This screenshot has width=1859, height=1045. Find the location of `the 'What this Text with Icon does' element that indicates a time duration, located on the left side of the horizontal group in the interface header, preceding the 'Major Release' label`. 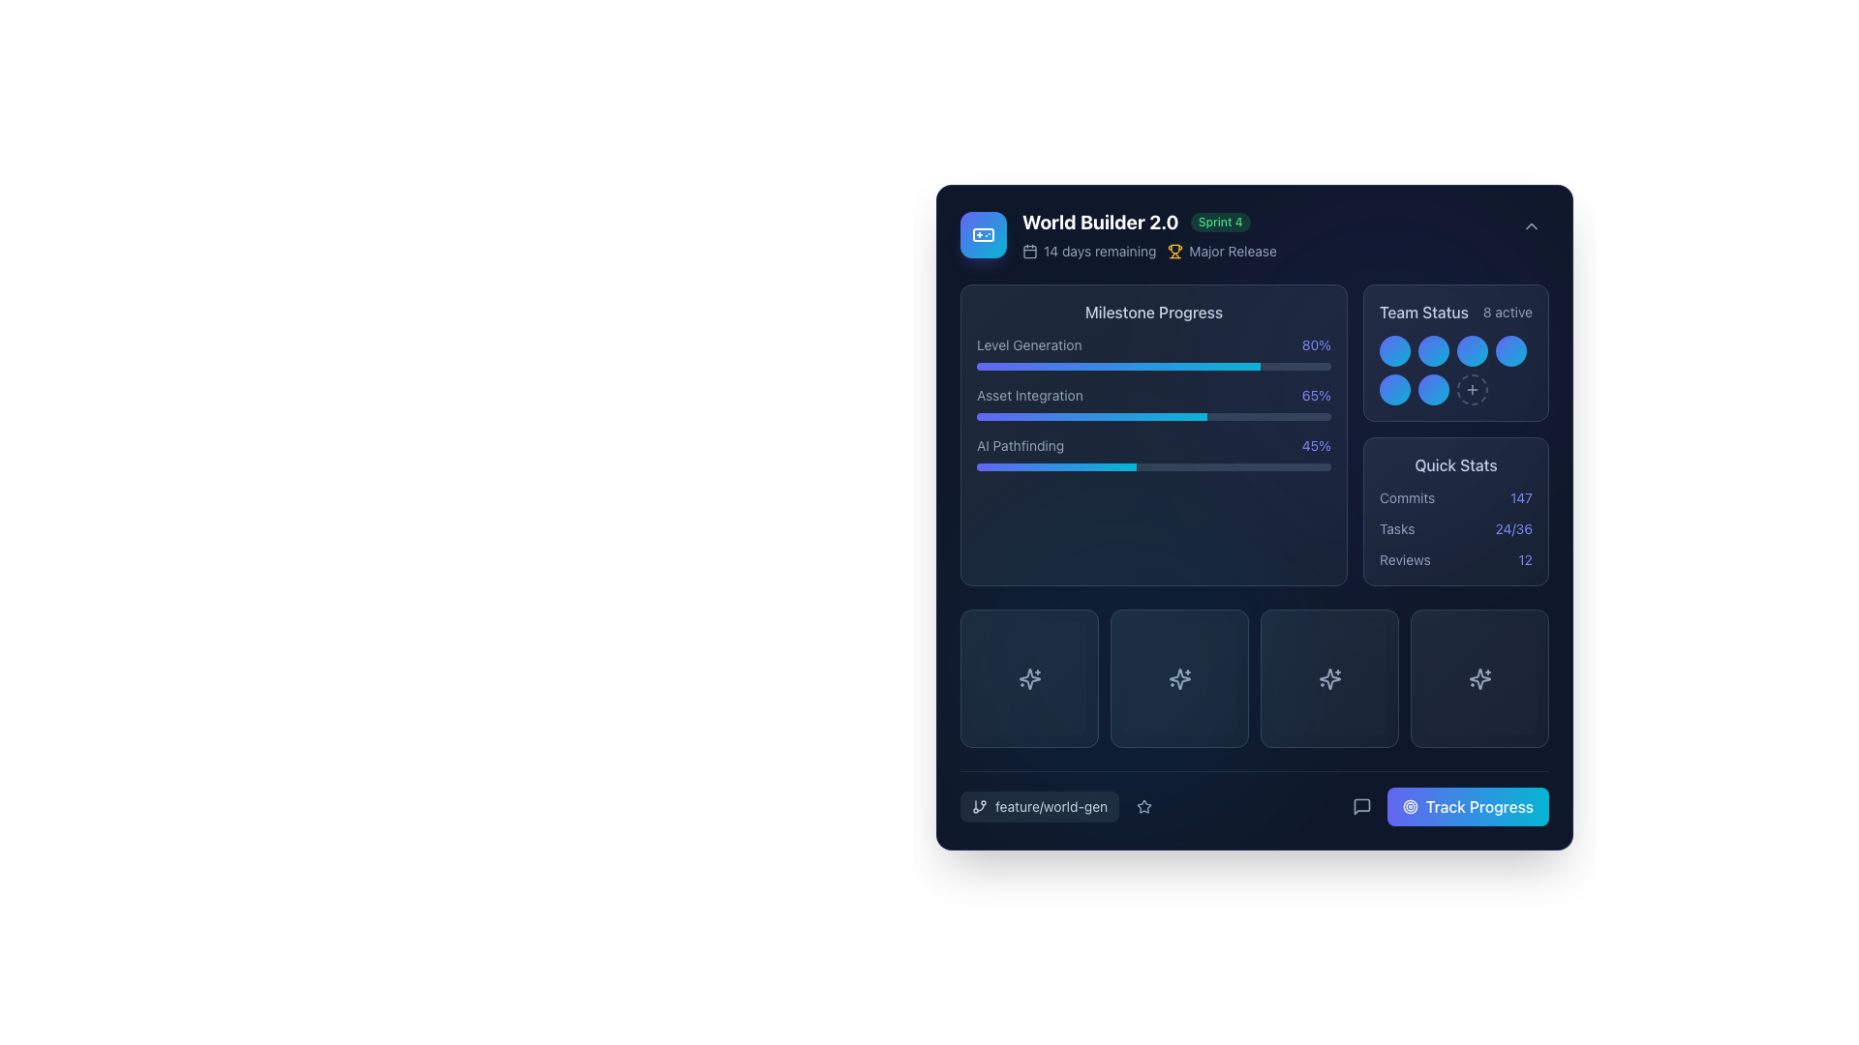

the 'What this Text with Icon does' element that indicates a time duration, located on the left side of the horizontal group in the interface header, preceding the 'Major Release' label is located at coordinates (1089, 250).